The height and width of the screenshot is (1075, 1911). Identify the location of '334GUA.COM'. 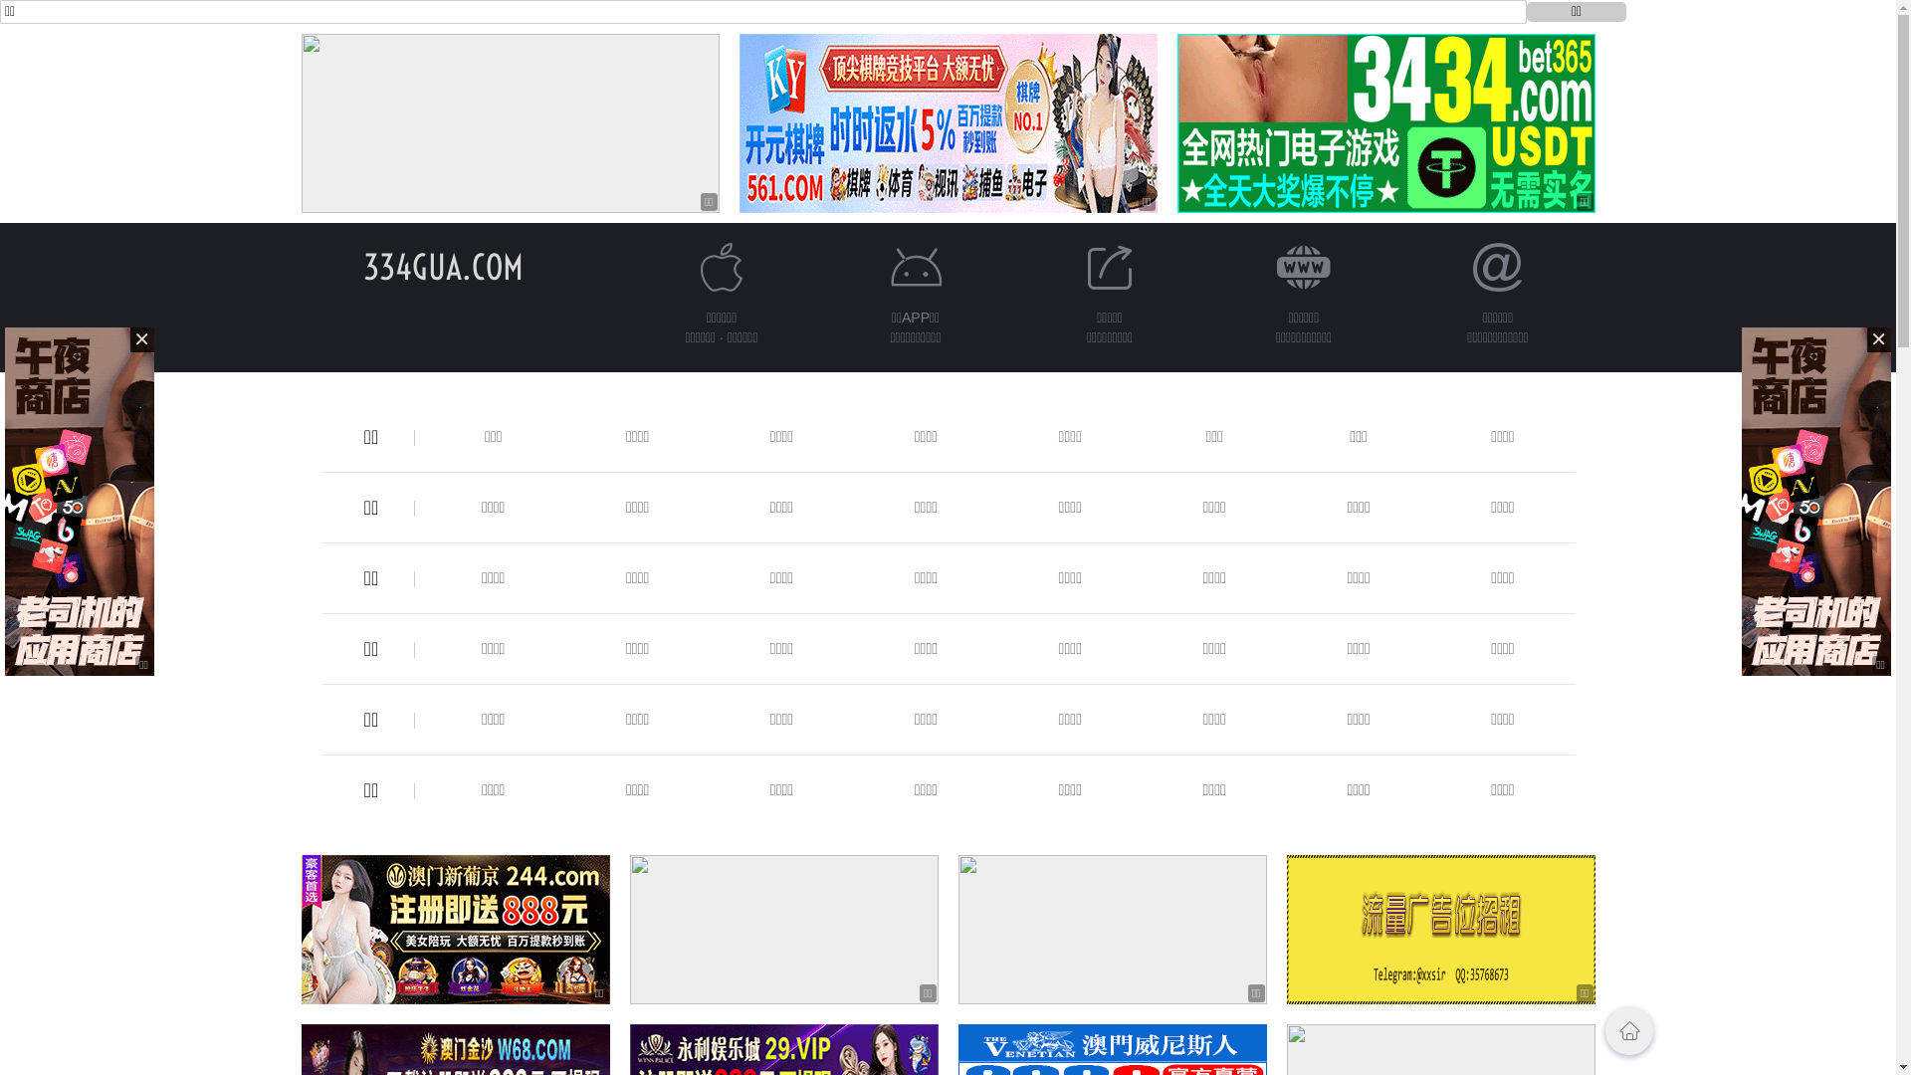
(442, 266).